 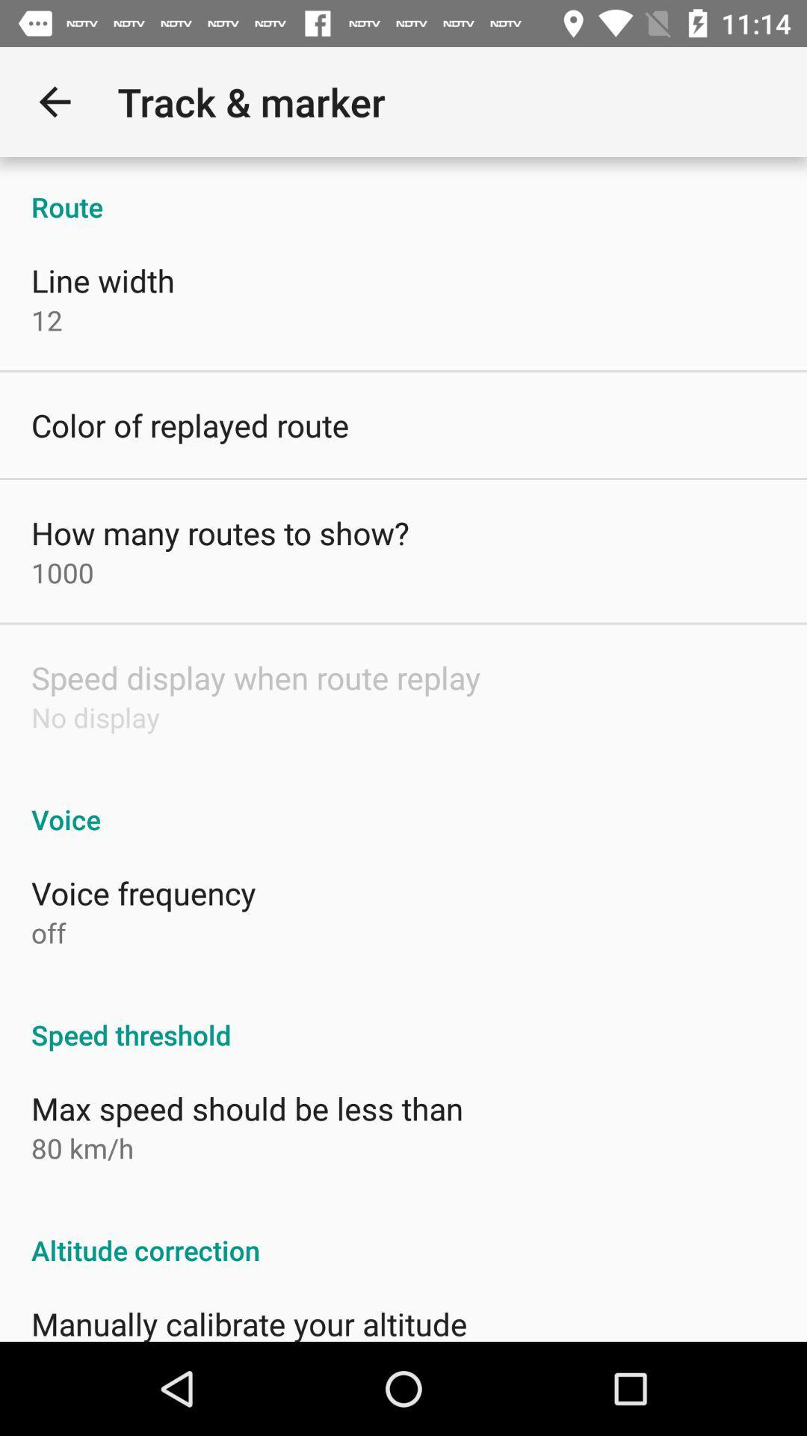 What do you see at coordinates (54, 101) in the screenshot?
I see `icon next to the track & marker app` at bounding box center [54, 101].